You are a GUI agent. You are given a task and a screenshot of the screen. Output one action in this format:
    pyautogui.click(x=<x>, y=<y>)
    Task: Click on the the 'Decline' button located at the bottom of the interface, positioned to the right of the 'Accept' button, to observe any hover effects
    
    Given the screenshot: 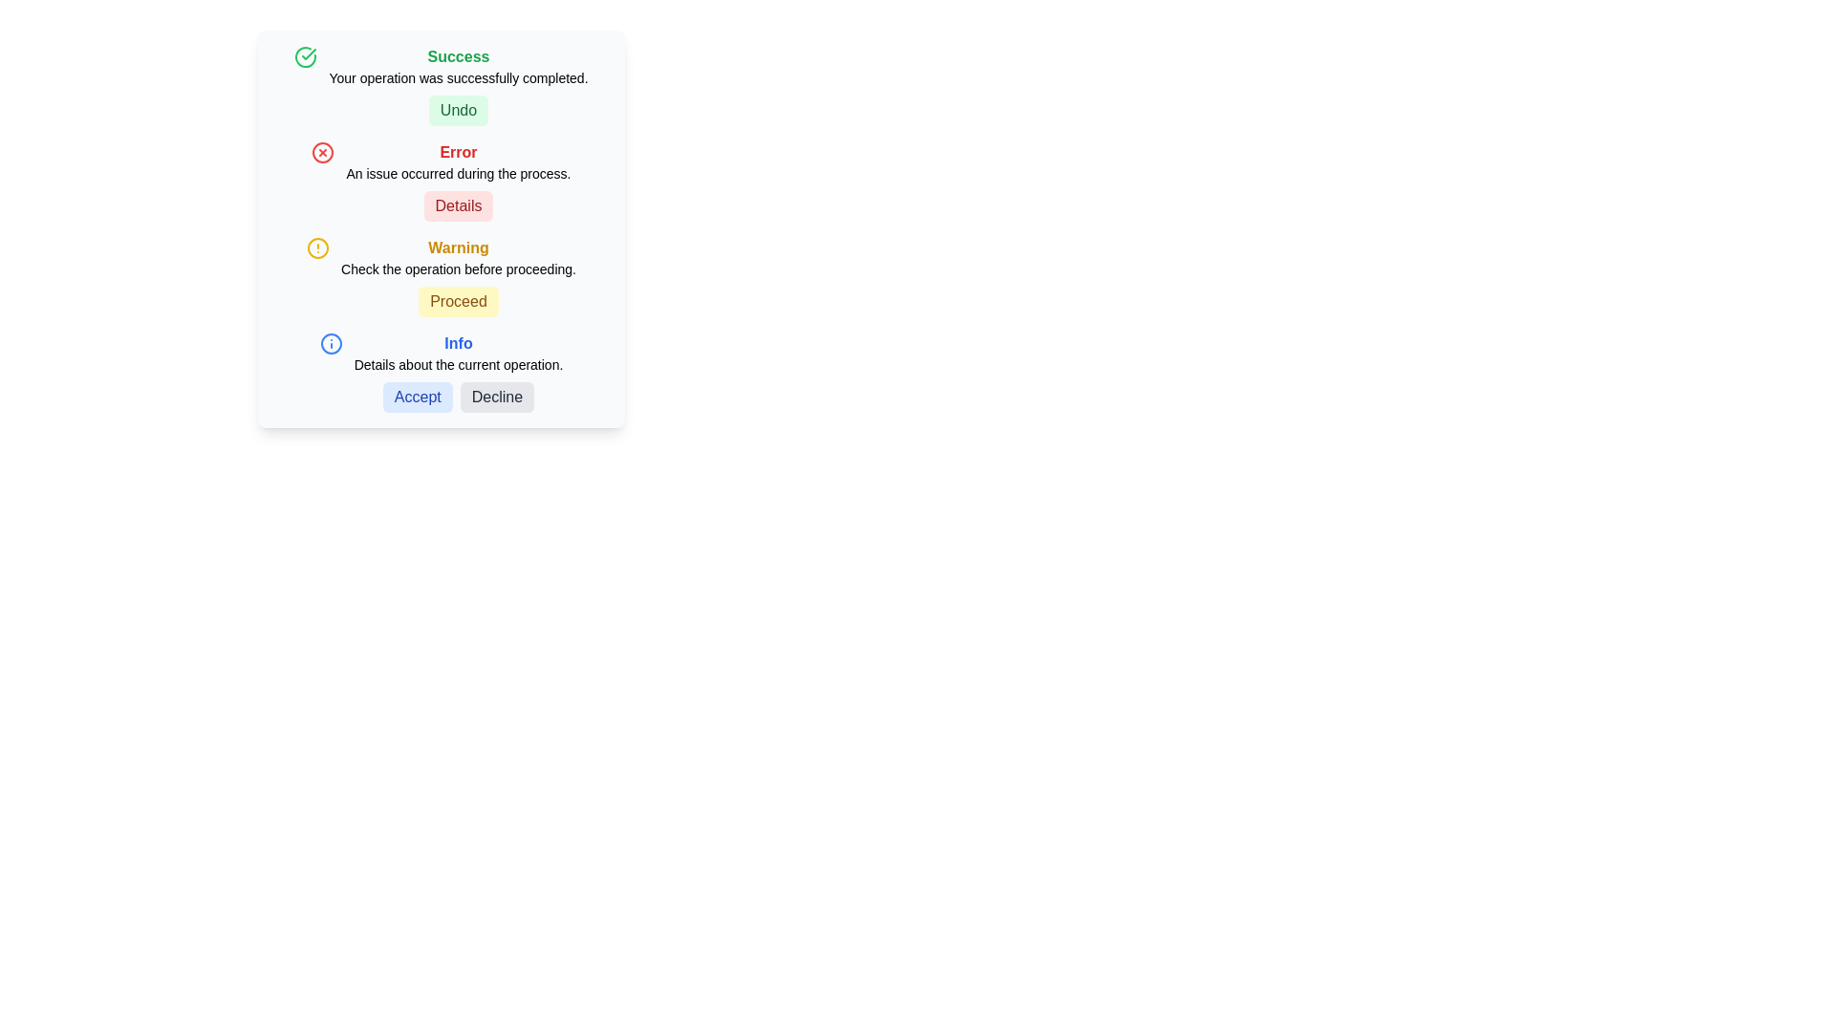 What is the action you would take?
    pyautogui.click(x=497, y=397)
    